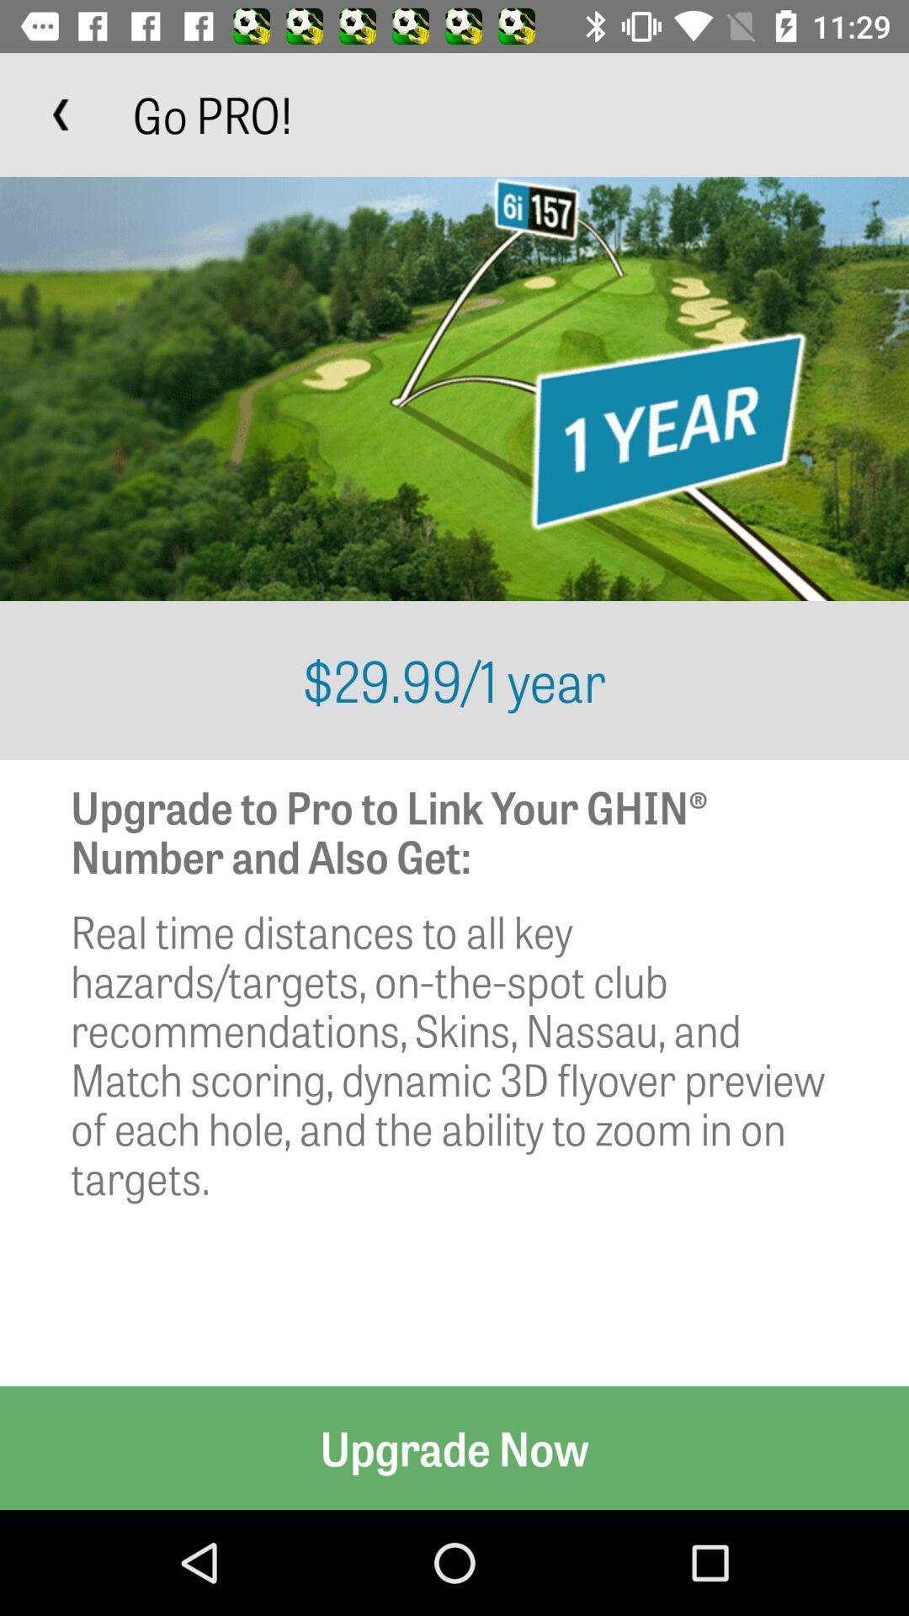  What do you see at coordinates (61, 114) in the screenshot?
I see `icon next to go pro! app` at bounding box center [61, 114].